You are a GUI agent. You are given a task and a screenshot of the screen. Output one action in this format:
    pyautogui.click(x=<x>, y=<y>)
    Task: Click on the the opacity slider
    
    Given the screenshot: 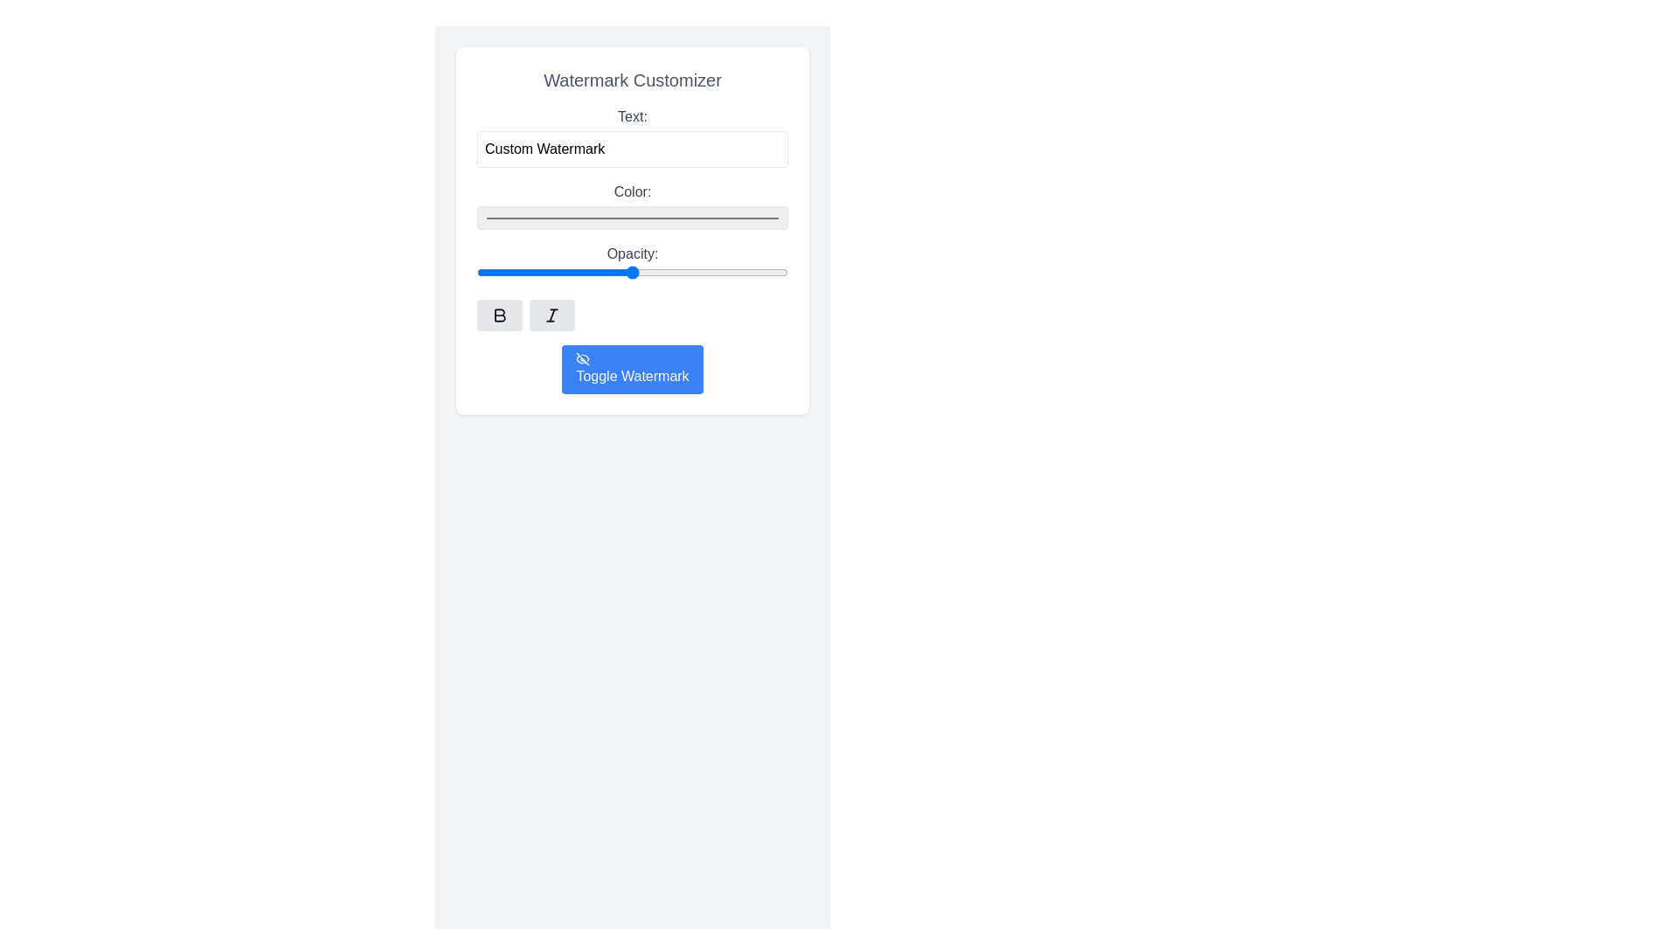 What is the action you would take?
    pyautogui.click(x=477, y=273)
    